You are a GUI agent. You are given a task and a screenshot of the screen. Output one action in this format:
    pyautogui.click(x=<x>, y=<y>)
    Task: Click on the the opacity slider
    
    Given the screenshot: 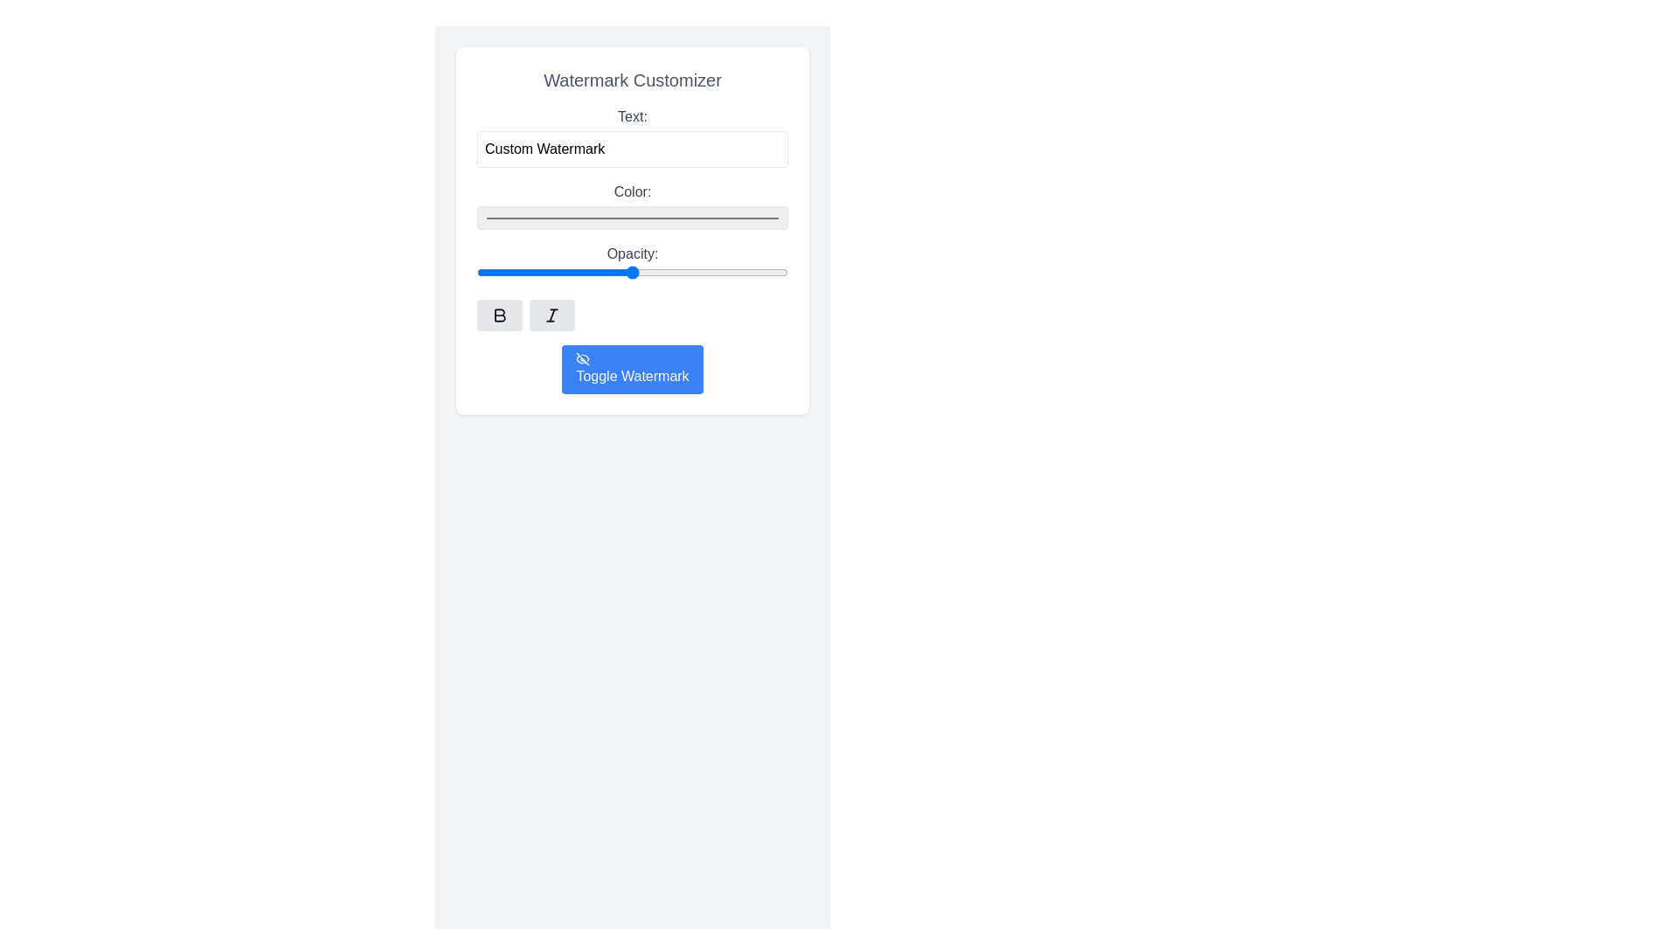 What is the action you would take?
    pyautogui.click(x=477, y=273)
    